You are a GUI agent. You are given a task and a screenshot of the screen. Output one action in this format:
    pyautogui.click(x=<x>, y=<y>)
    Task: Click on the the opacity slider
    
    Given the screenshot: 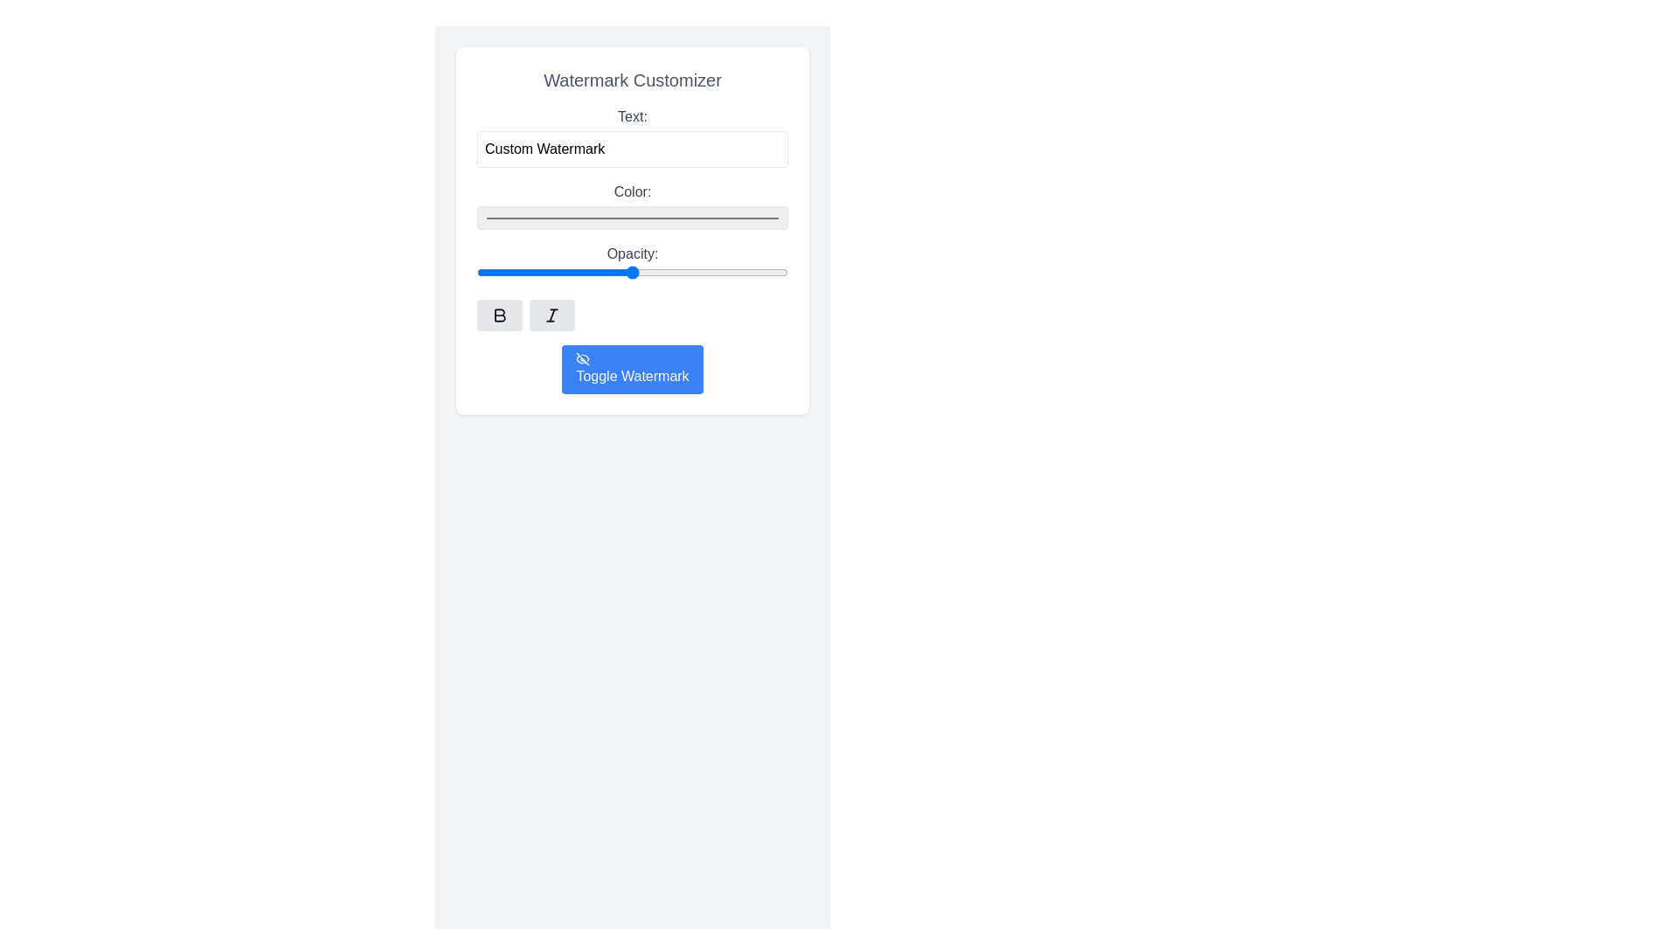 What is the action you would take?
    pyautogui.click(x=477, y=273)
    